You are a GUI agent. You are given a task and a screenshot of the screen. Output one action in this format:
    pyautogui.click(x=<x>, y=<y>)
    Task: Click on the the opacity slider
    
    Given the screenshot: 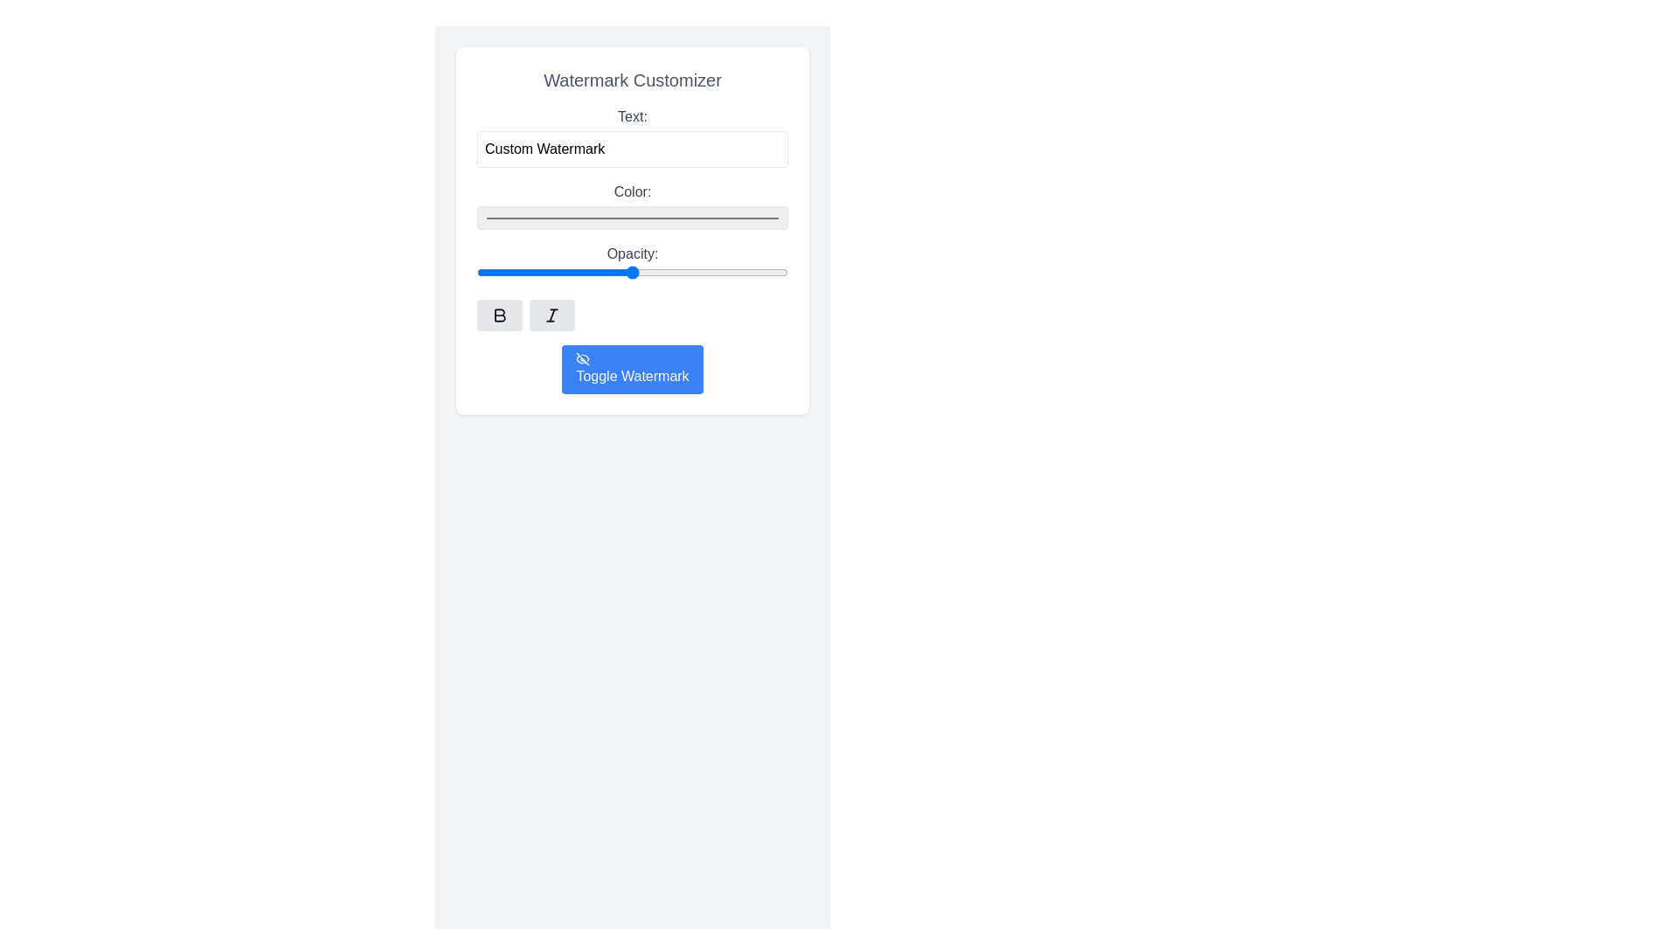 What is the action you would take?
    pyautogui.click(x=477, y=273)
    